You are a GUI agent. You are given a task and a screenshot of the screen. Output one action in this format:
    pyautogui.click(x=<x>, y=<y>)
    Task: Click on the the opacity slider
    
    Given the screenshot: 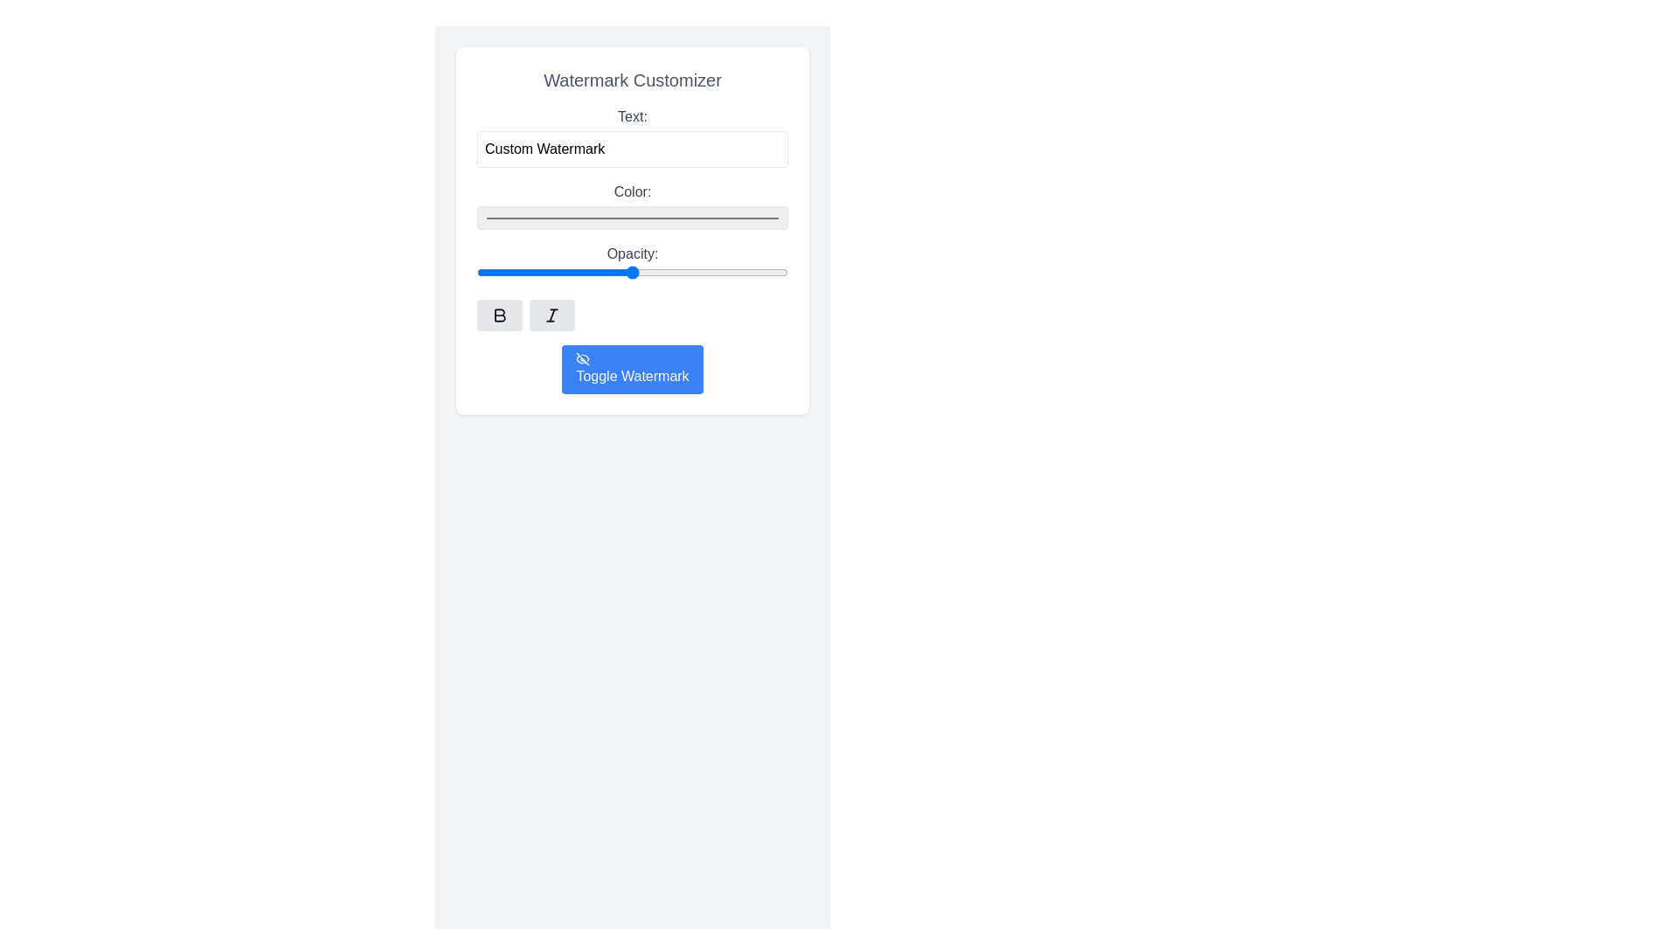 What is the action you would take?
    pyautogui.click(x=477, y=273)
    